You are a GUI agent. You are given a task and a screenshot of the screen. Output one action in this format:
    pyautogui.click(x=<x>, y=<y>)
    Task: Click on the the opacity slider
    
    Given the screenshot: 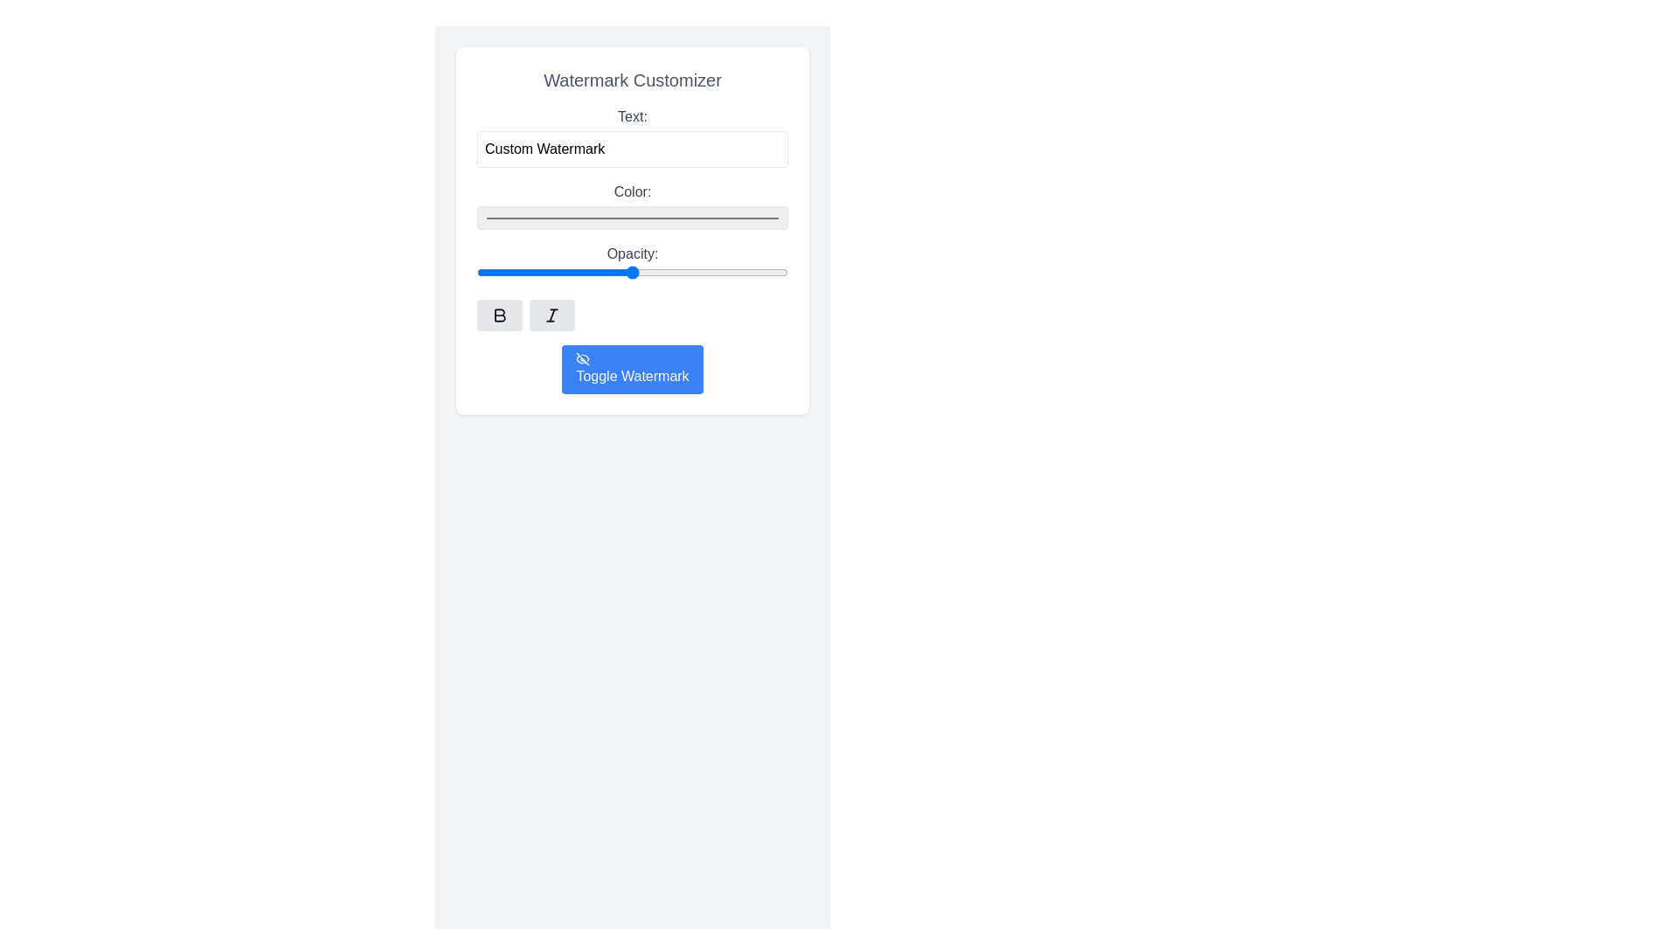 What is the action you would take?
    pyautogui.click(x=477, y=273)
    